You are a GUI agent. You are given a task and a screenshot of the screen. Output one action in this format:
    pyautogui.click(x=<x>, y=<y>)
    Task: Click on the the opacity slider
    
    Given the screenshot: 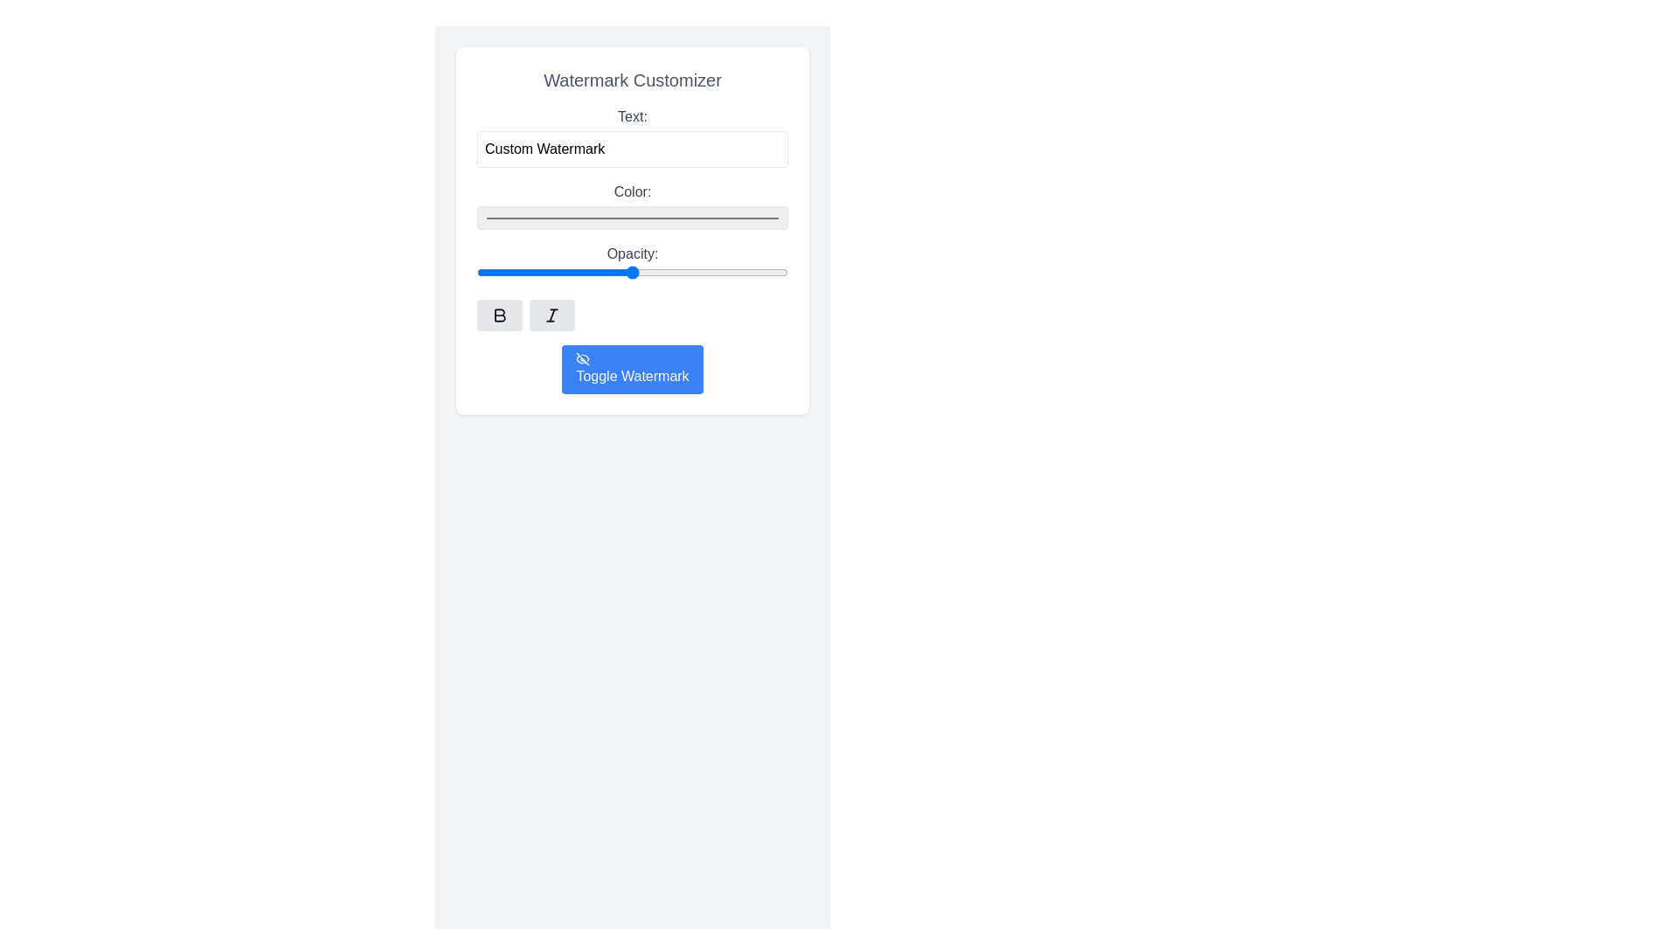 What is the action you would take?
    pyautogui.click(x=477, y=273)
    